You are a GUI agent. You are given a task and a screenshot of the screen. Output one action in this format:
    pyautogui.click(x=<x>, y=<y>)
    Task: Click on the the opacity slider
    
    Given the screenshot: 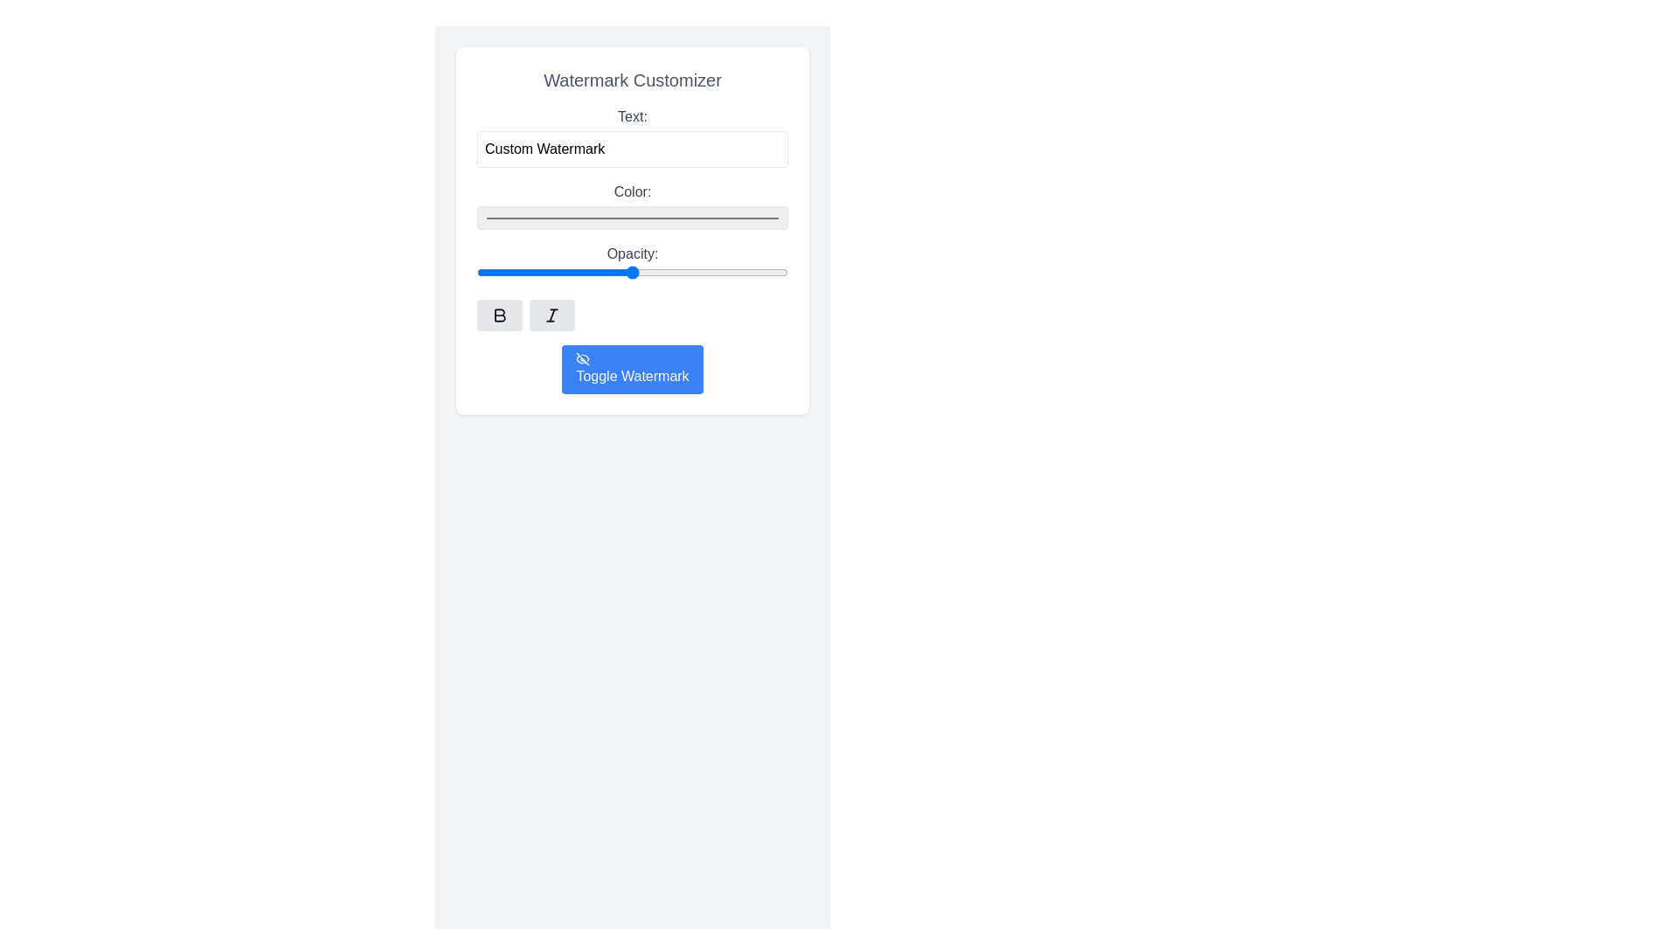 What is the action you would take?
    pyautogui.click(x=477, y=273)
    